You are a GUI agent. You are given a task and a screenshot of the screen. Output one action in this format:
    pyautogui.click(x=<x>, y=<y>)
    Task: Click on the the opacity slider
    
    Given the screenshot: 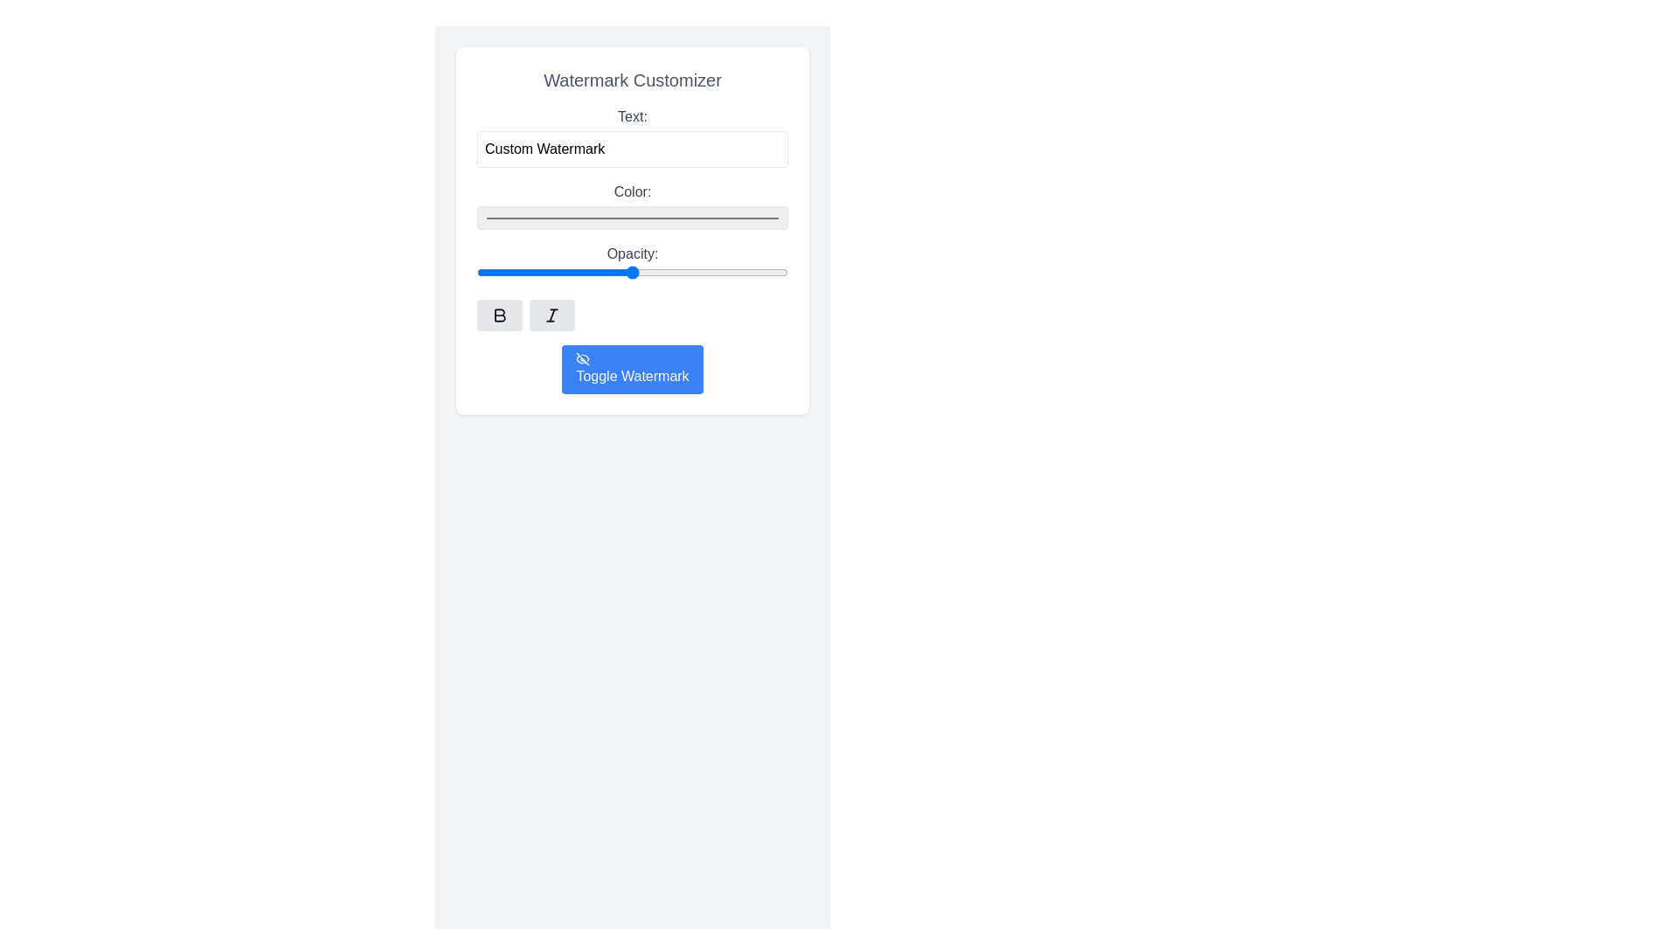 What is the action you would take?
    pyautogui.click(x=477, y=273)
    